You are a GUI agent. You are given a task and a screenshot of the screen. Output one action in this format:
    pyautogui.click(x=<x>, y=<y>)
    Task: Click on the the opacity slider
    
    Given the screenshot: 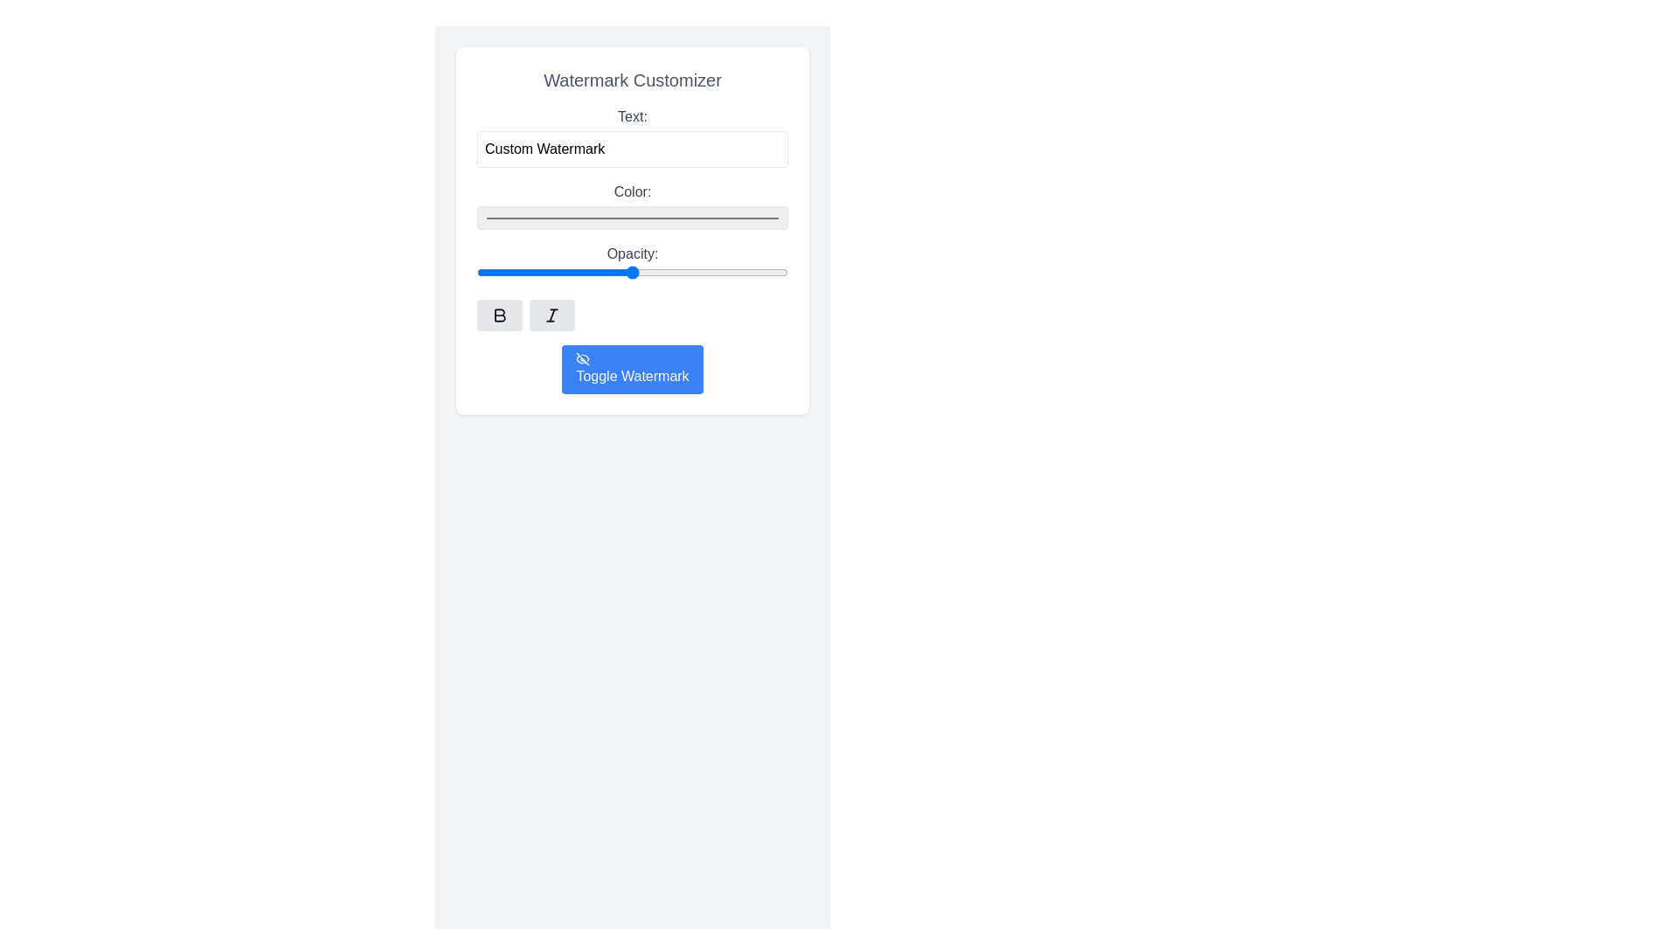 What is the action you would take?
    pyautogui.click(x=477, y=273)
    